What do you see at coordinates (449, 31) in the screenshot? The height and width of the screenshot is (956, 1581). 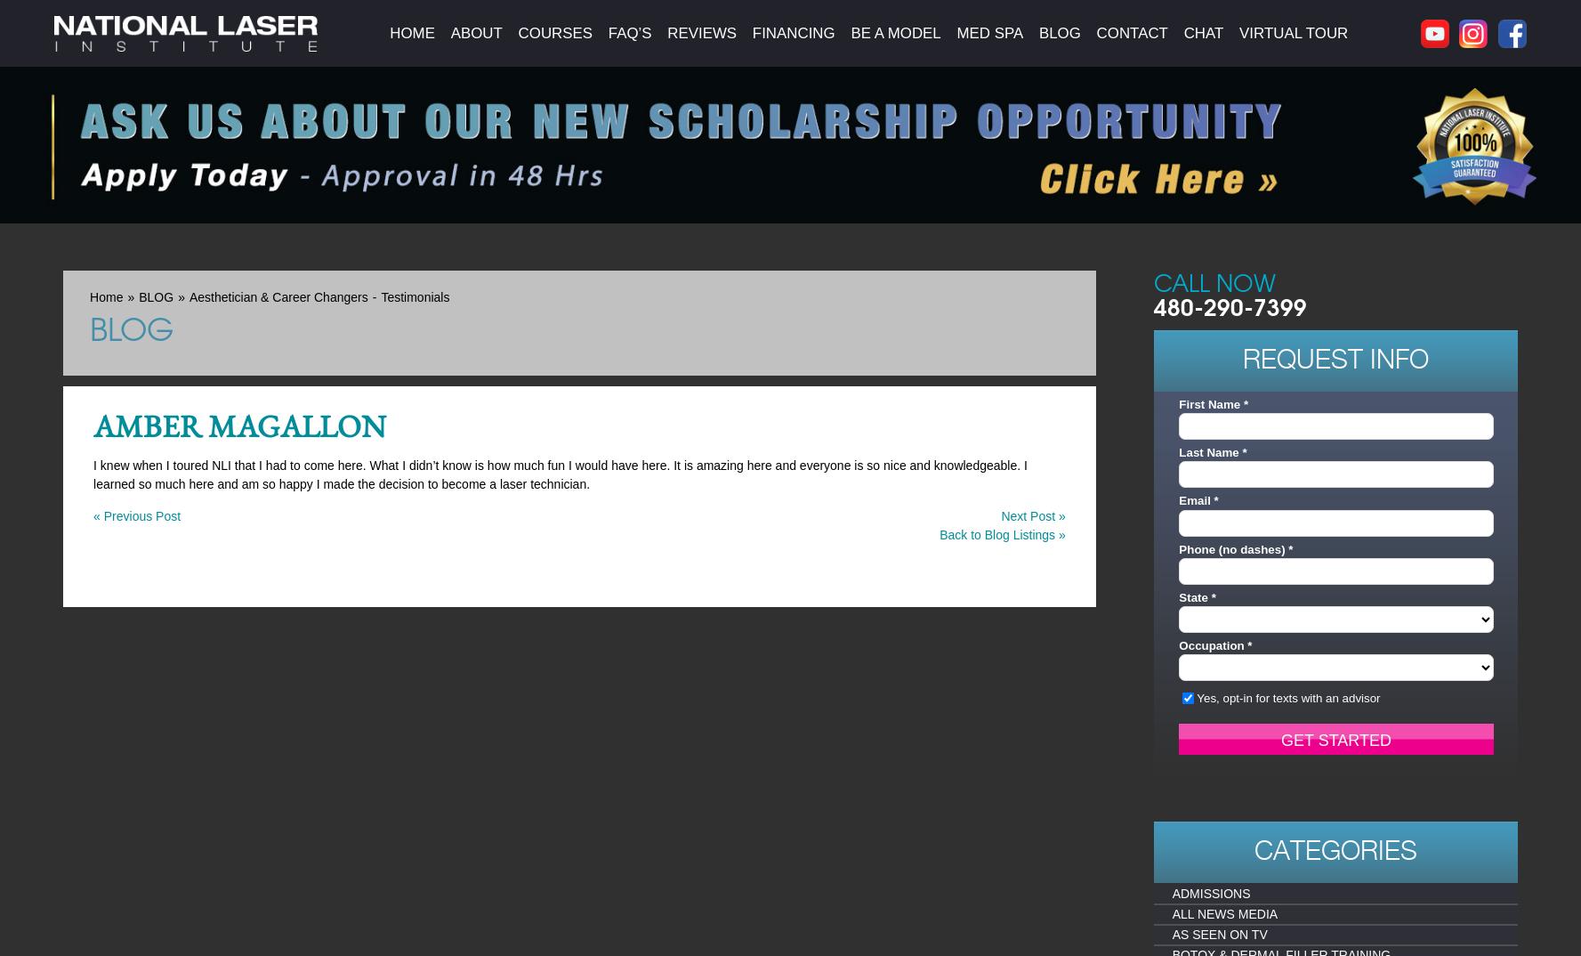 I see `'About'` at bounding box center [449, 31].